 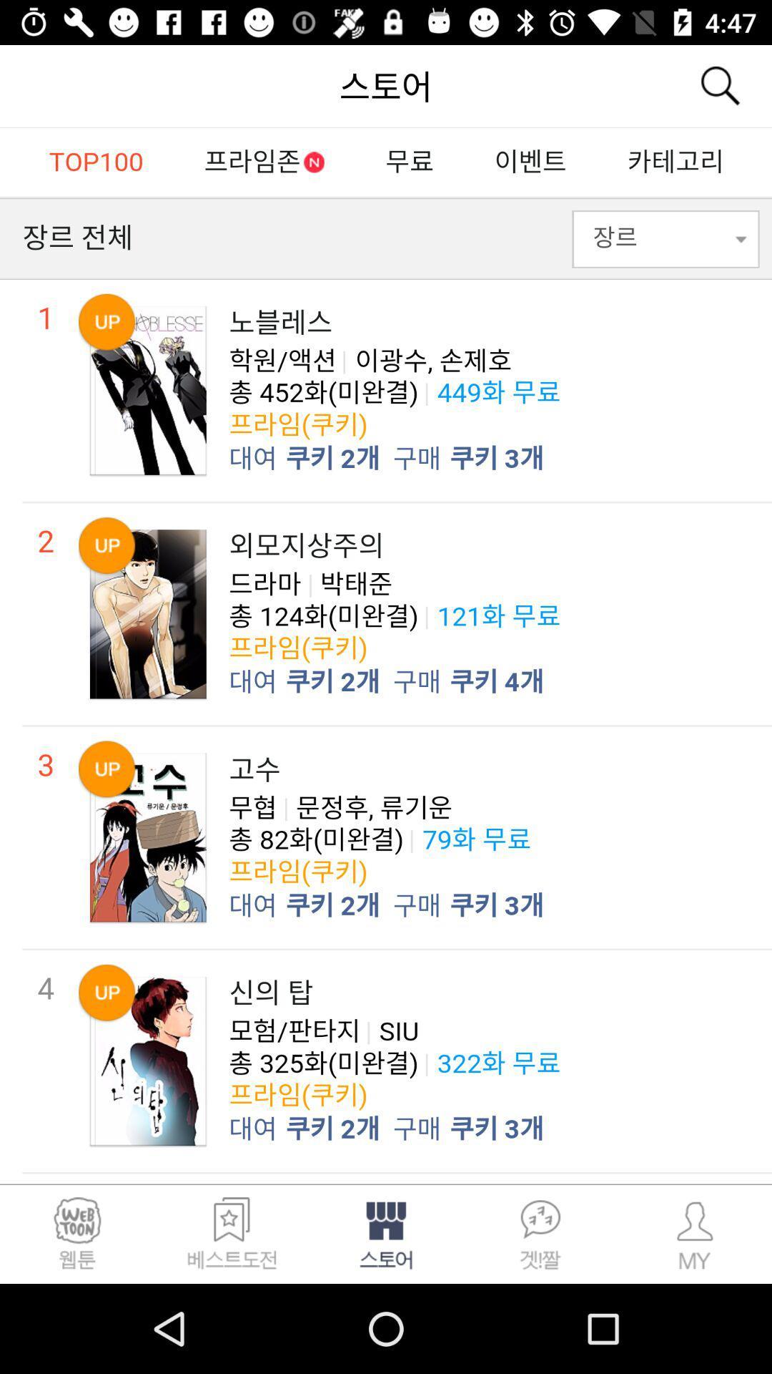 What do you see at coordinates (719, 85) in the screenshot?
I see `the search icon` at bounding box center [719, 85].